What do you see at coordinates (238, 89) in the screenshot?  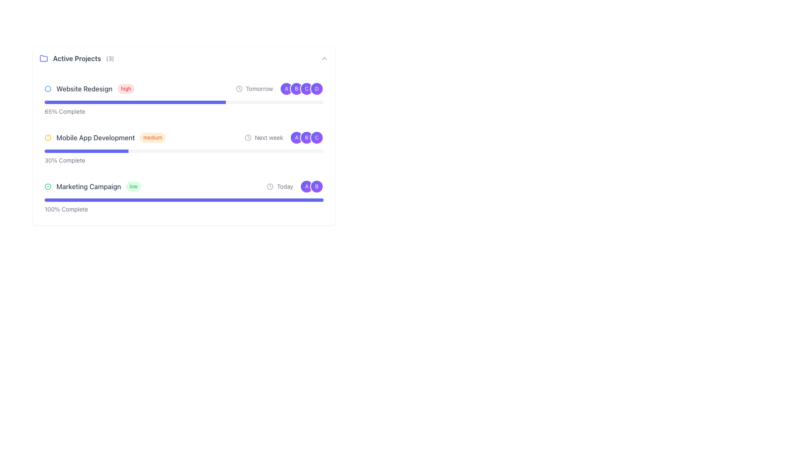 I see `SVG circle element representing the clock icon, which is associated with the 'Tomorrow' text for the 'Website Redesign' task` at bounding box center [238, 89].